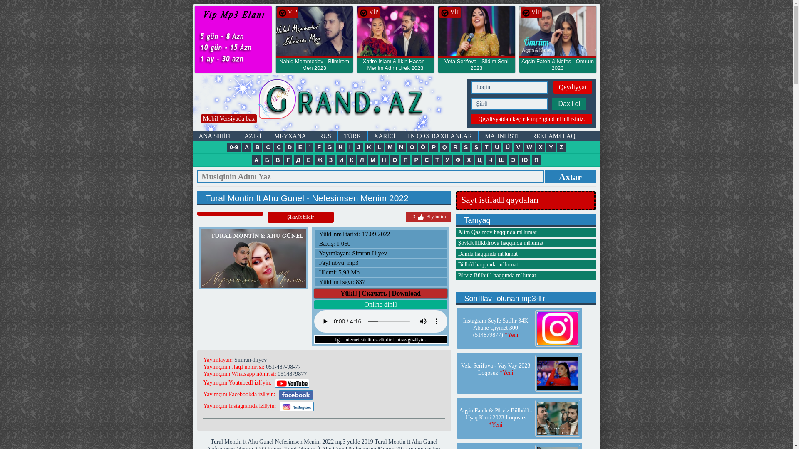 The width and height of the screenshot is (799, 449). Describe the element at coordinates (544, 176) in the screenshot. I see `'Axtar'` at that location.